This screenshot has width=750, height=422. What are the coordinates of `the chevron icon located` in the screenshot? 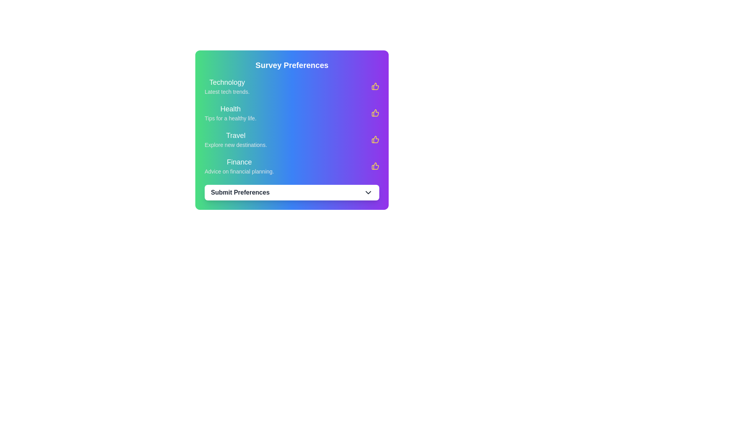 It's located at (368, 193).